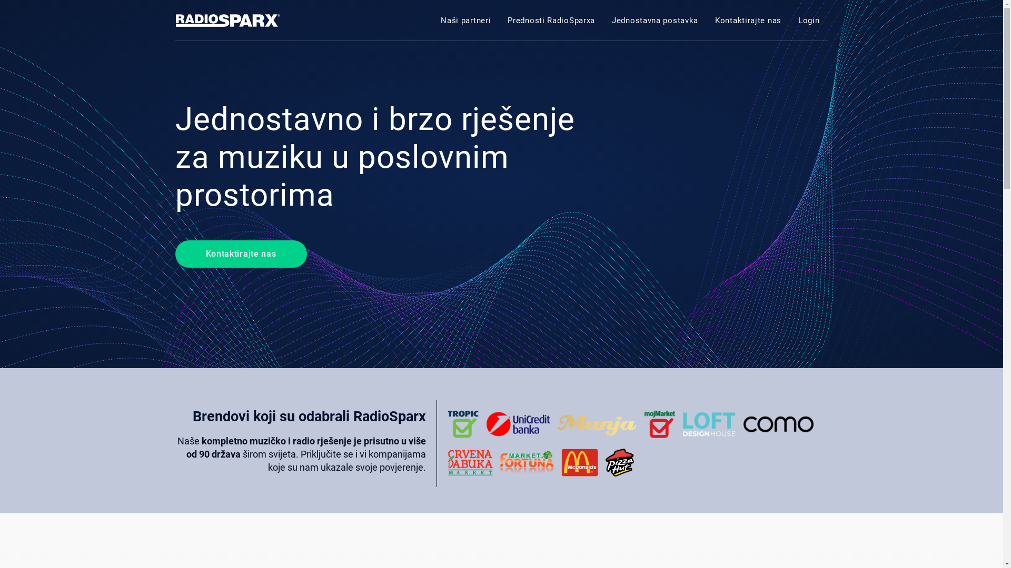 The width and height of the screenshot is (1011, 568). I want to click on 'Kontaktirajte nas', so click(240, 253).